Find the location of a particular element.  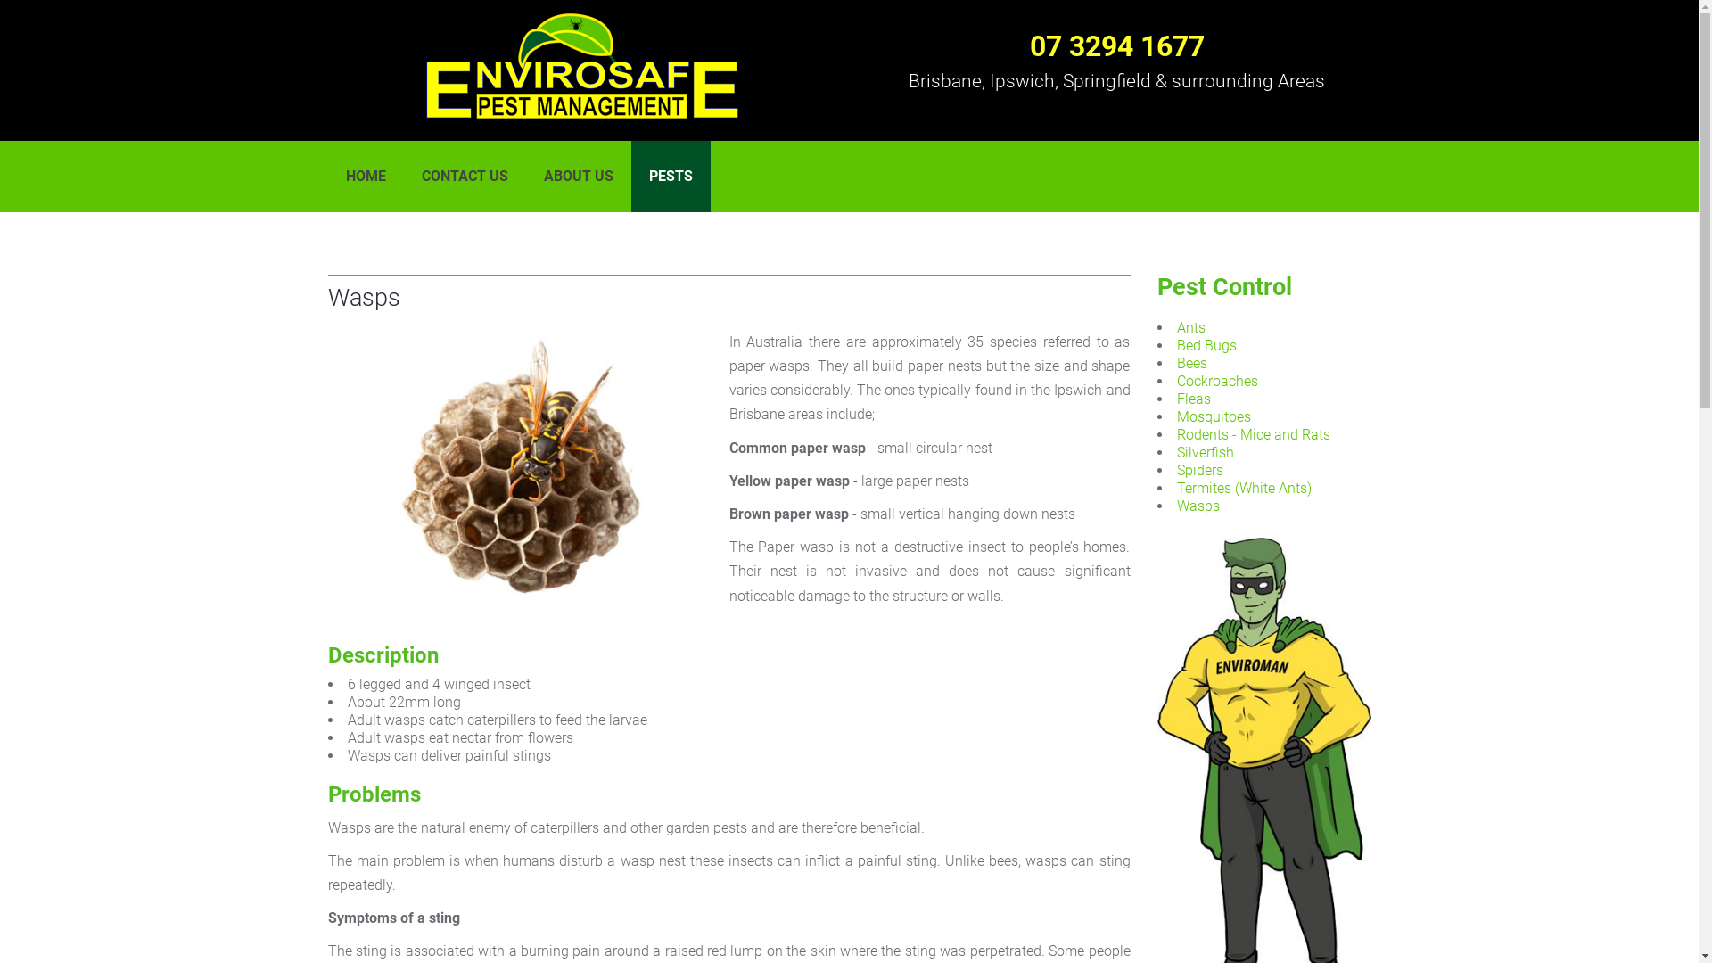

'Silverfish' is located at coordinates (1206, 451).